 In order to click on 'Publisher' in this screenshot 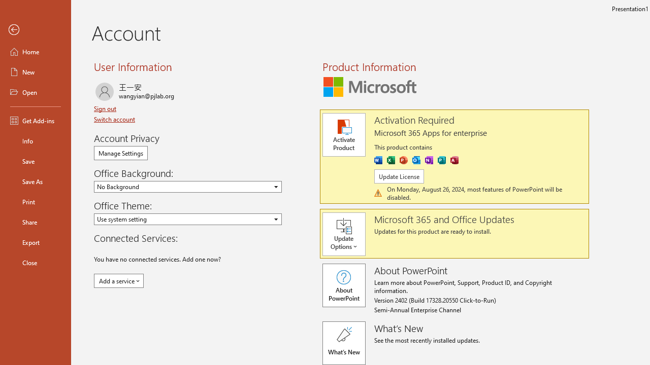, I will do `click(441, 160)`.